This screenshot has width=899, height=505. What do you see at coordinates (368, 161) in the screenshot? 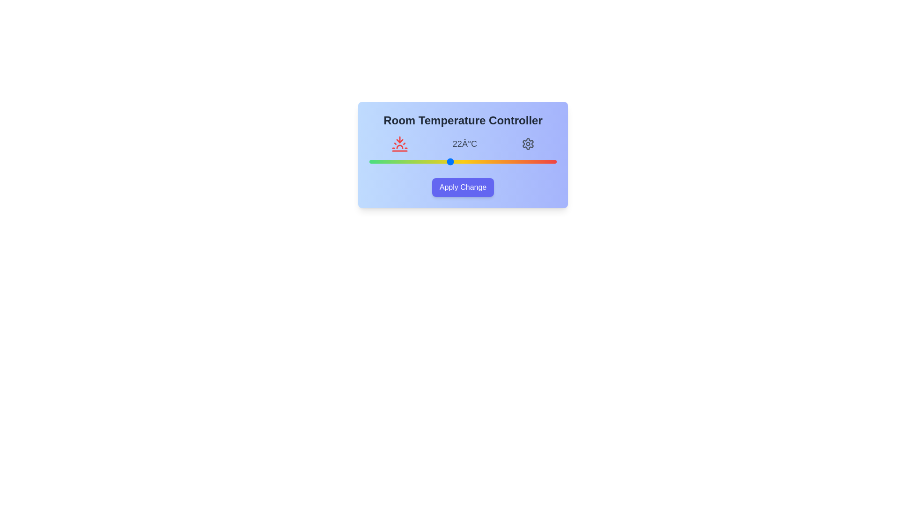
I see `the temperature slider to 16 degrees` at bounding box center [368, 161].